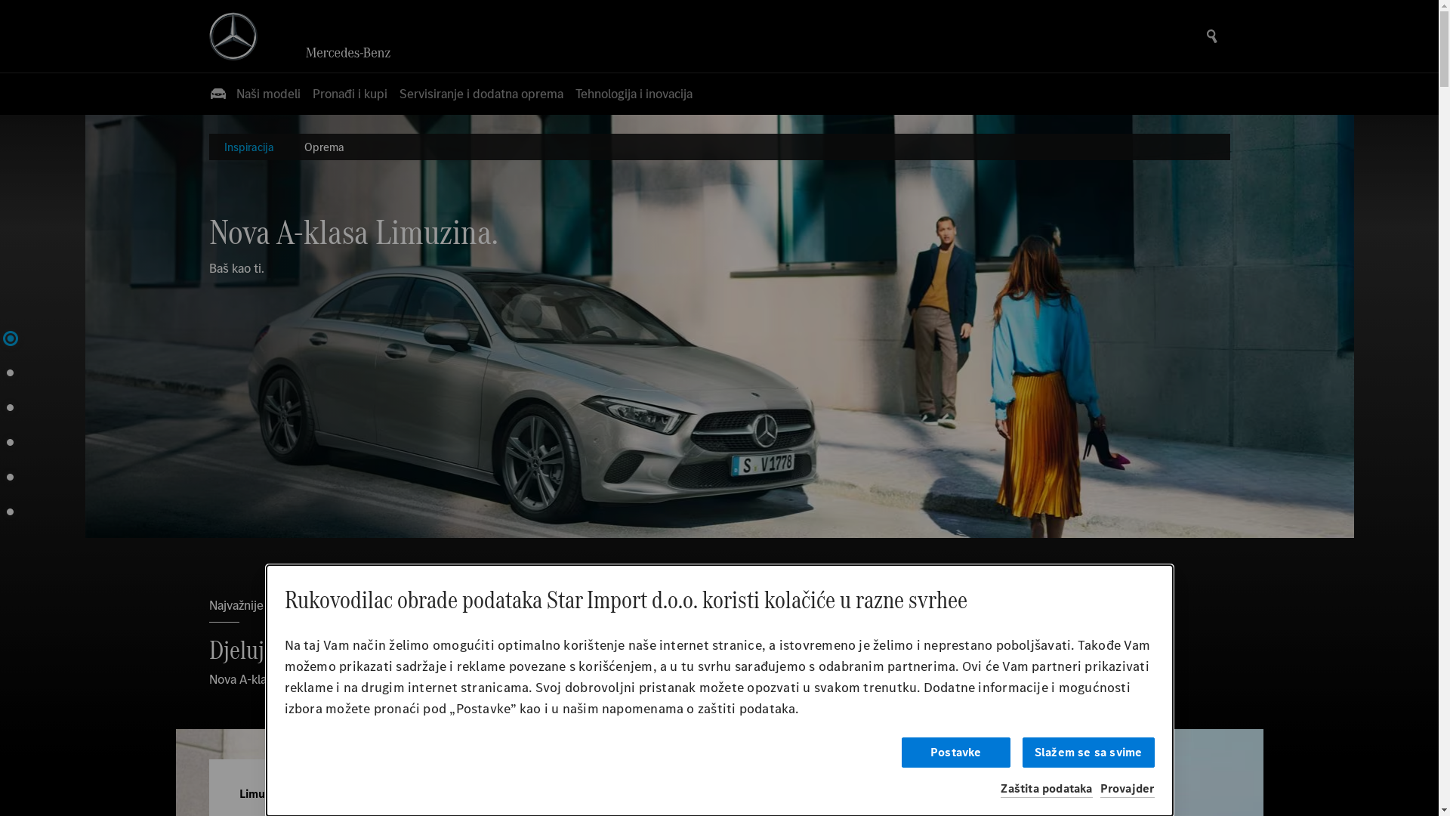 The width and height of the screenshot is (1450, 816). What do you see at coordinates (480, 93) in the screenshot?
I see `'Servisiranje i dodatna oprema'` at bounding box center [480, 93].